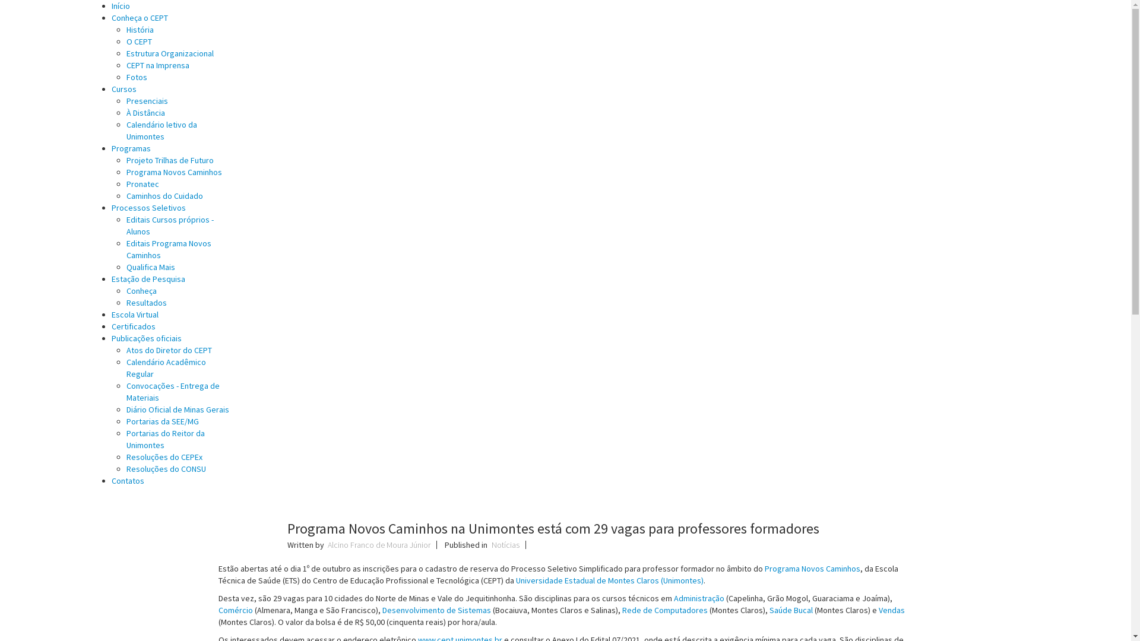 This screenshot has width=1140, height=641. Describe the element at coordinates (147, 100) in the screenshot. I see `'Presenciais'` at that location.